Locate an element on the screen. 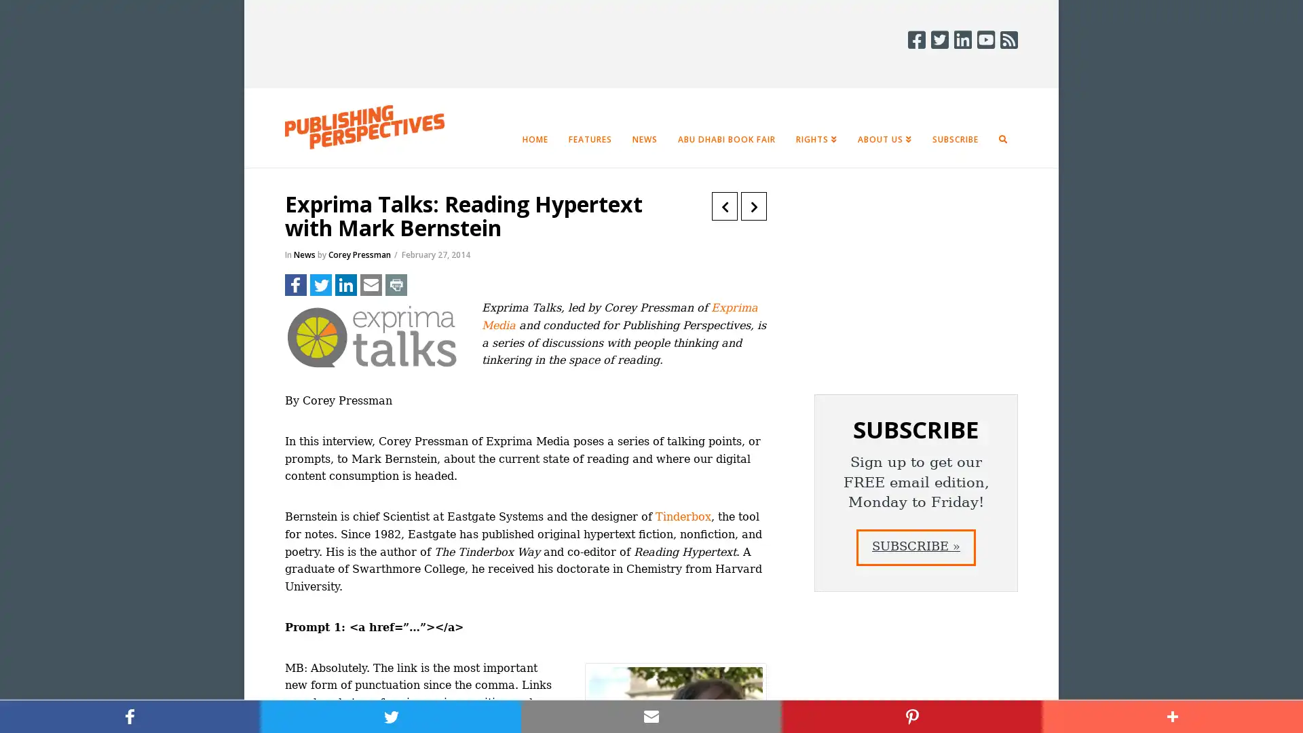 This screenshot has width=1303, height=733. Share to Email is located at coordinates (371, 284).